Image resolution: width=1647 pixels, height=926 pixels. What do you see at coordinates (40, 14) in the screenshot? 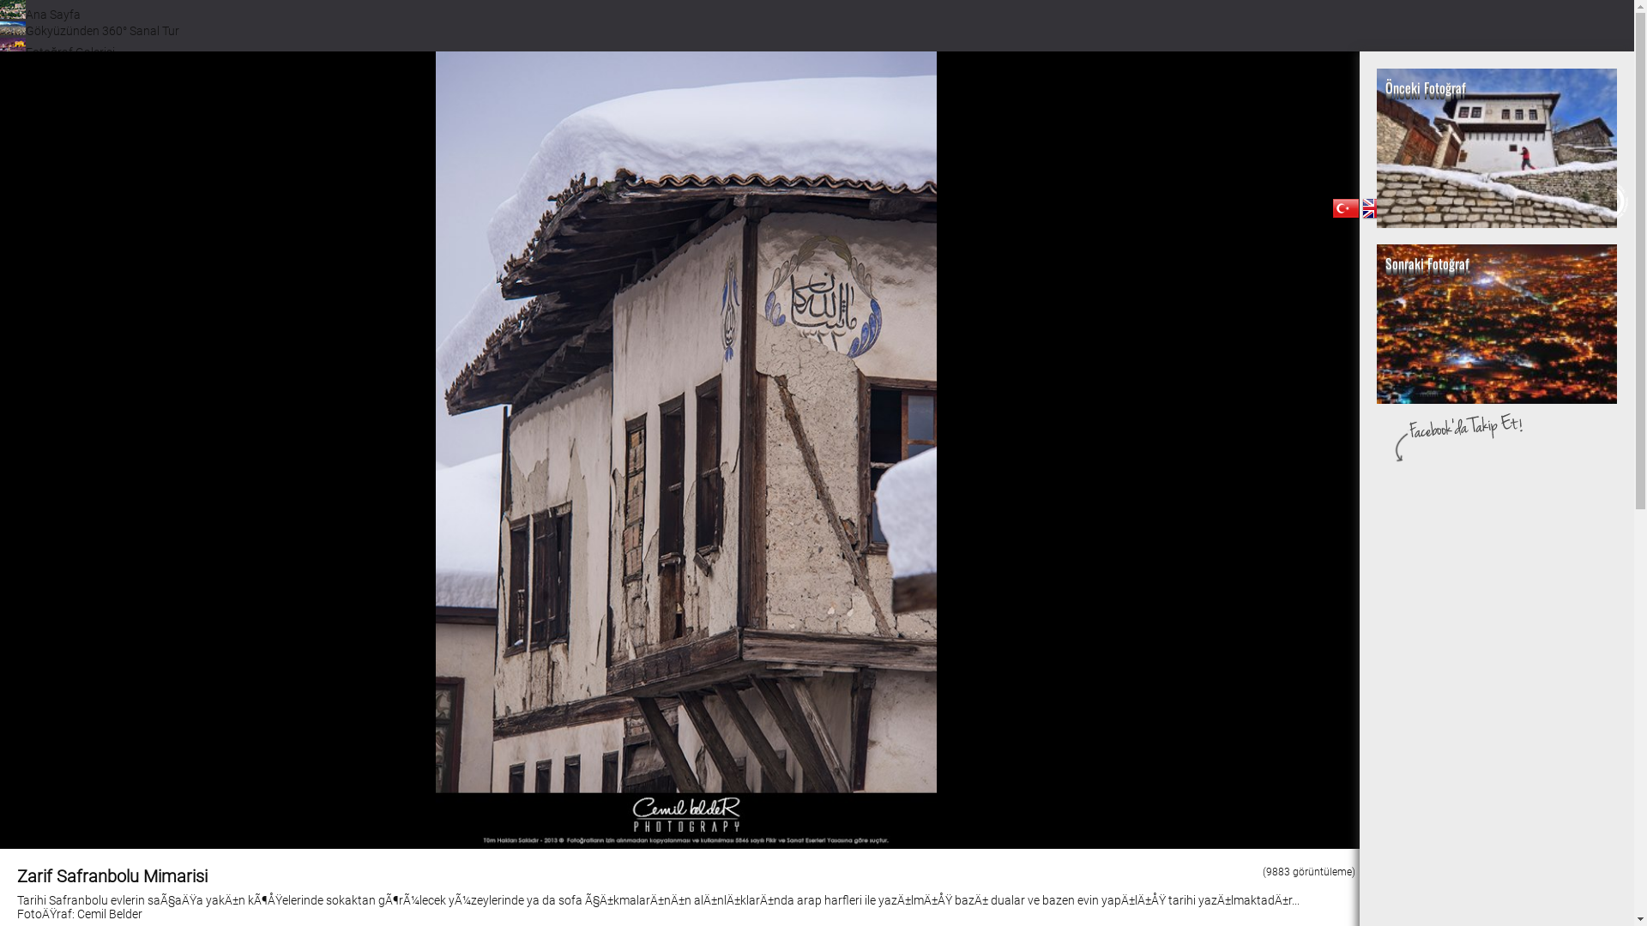
I see `'Ana Sayfa'` at bounding box center [40, 14].